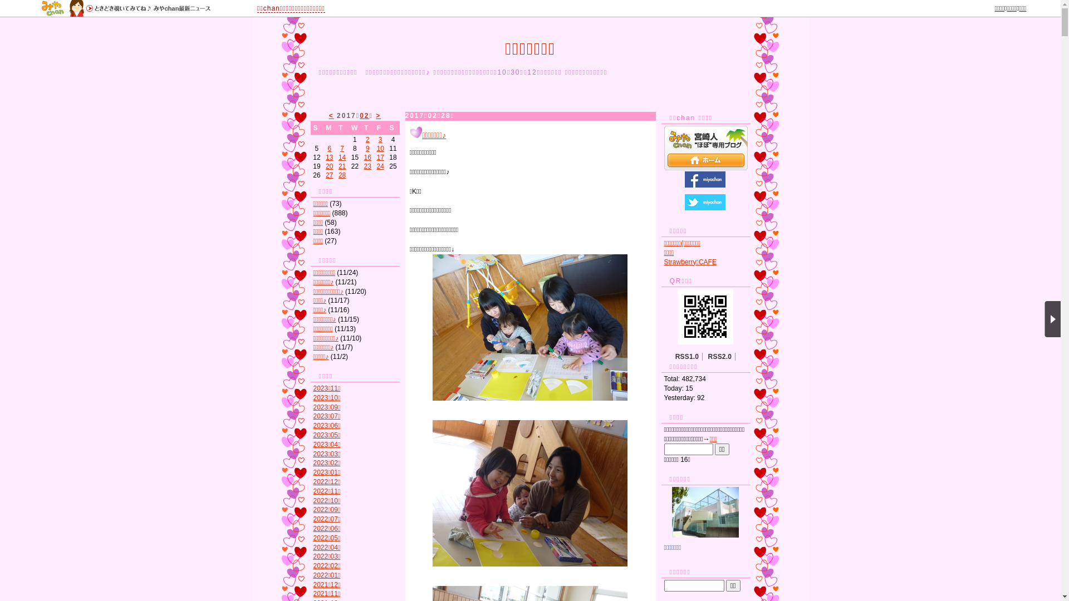 The width and height of the screenshot is (1069, 601). I want to click on '21', so click(341, 166).